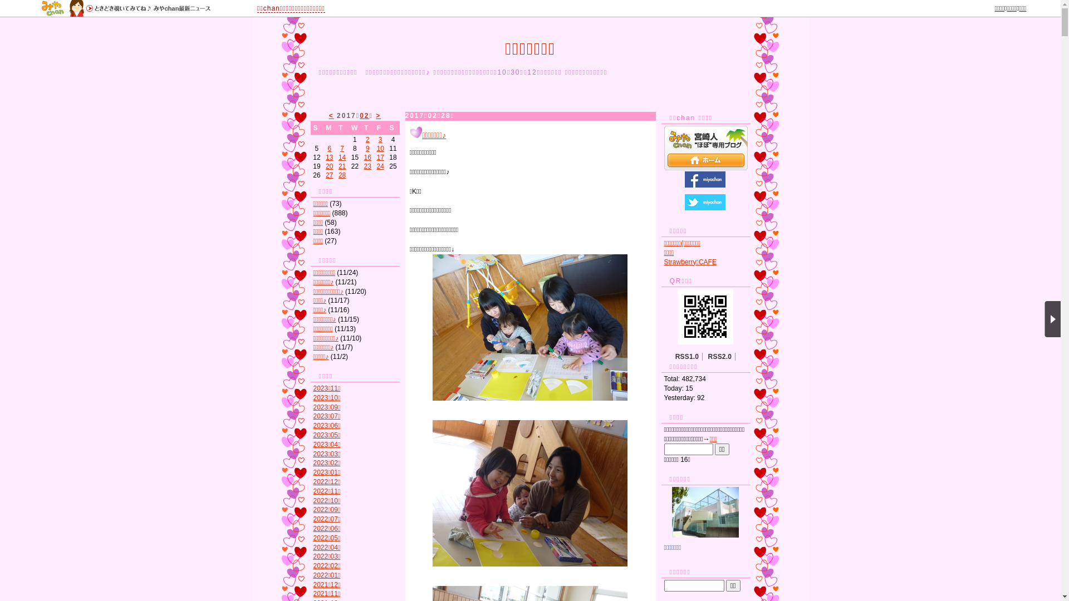 The width and height of the screenshot is (1069, 601). I want to click on '21', so click(341, 166).